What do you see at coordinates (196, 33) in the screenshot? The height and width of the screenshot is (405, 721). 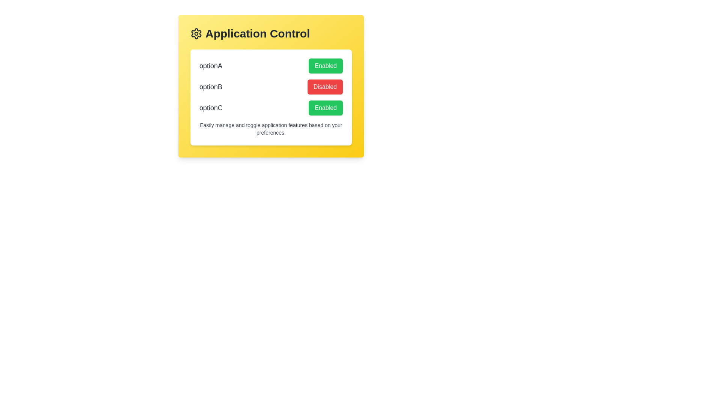 I see `the settings icon located at the far left of the 'Application Control' header` at bounding box center [196, 33].